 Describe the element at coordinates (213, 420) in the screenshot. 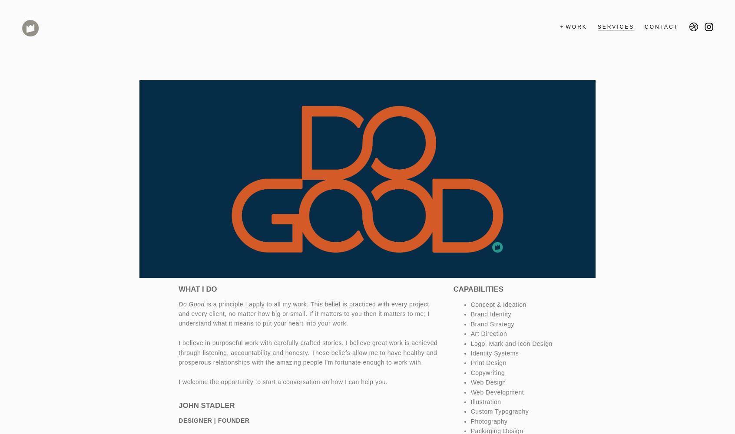

I see `'DESIGNER | FOUNDER'` at that location.